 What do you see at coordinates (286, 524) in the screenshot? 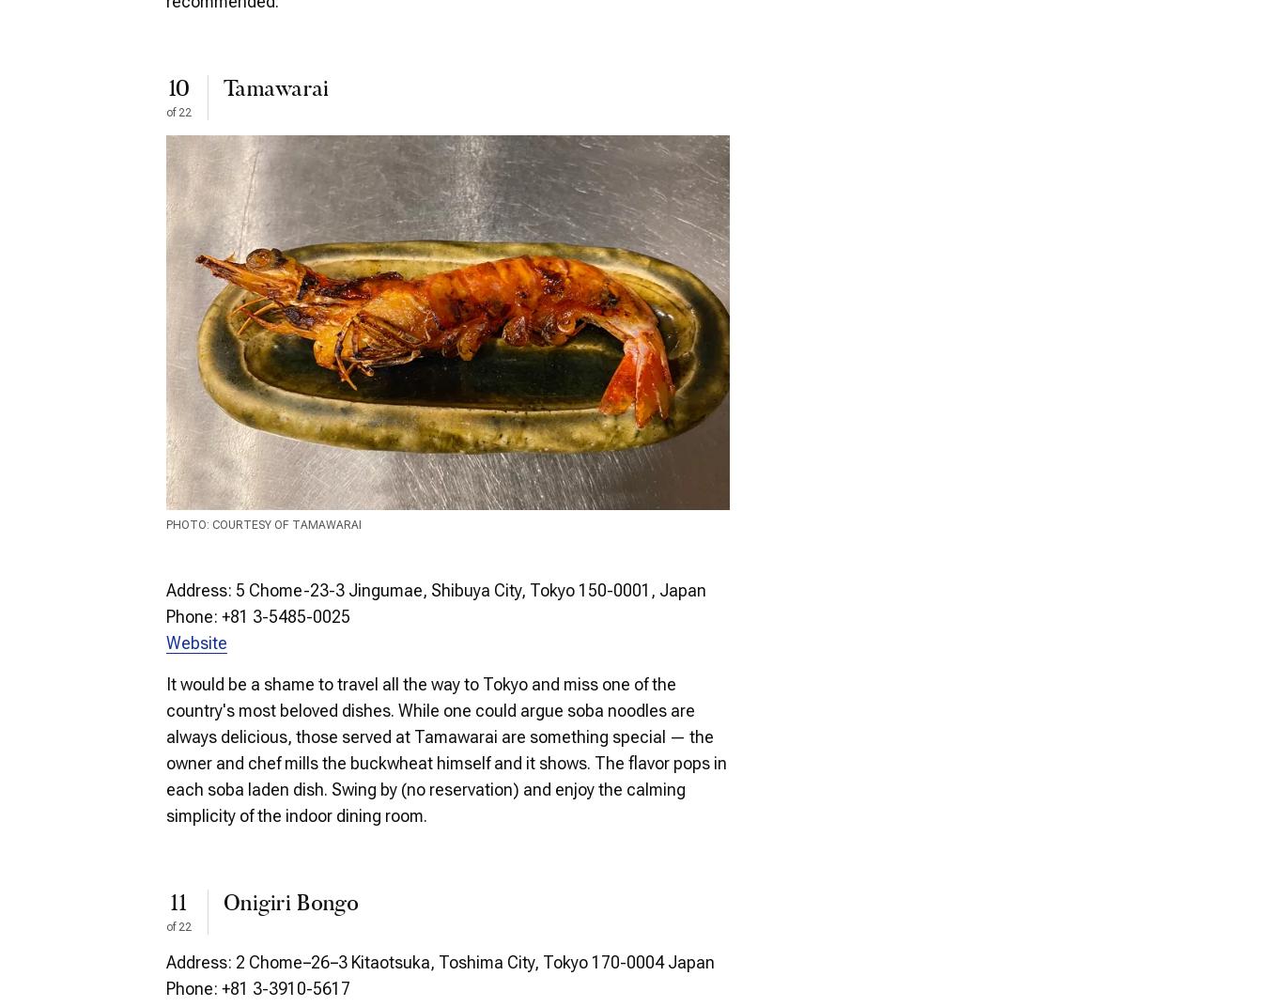
I see `'Courtesy of Tamawarai'` at bounding box center [286, 524].